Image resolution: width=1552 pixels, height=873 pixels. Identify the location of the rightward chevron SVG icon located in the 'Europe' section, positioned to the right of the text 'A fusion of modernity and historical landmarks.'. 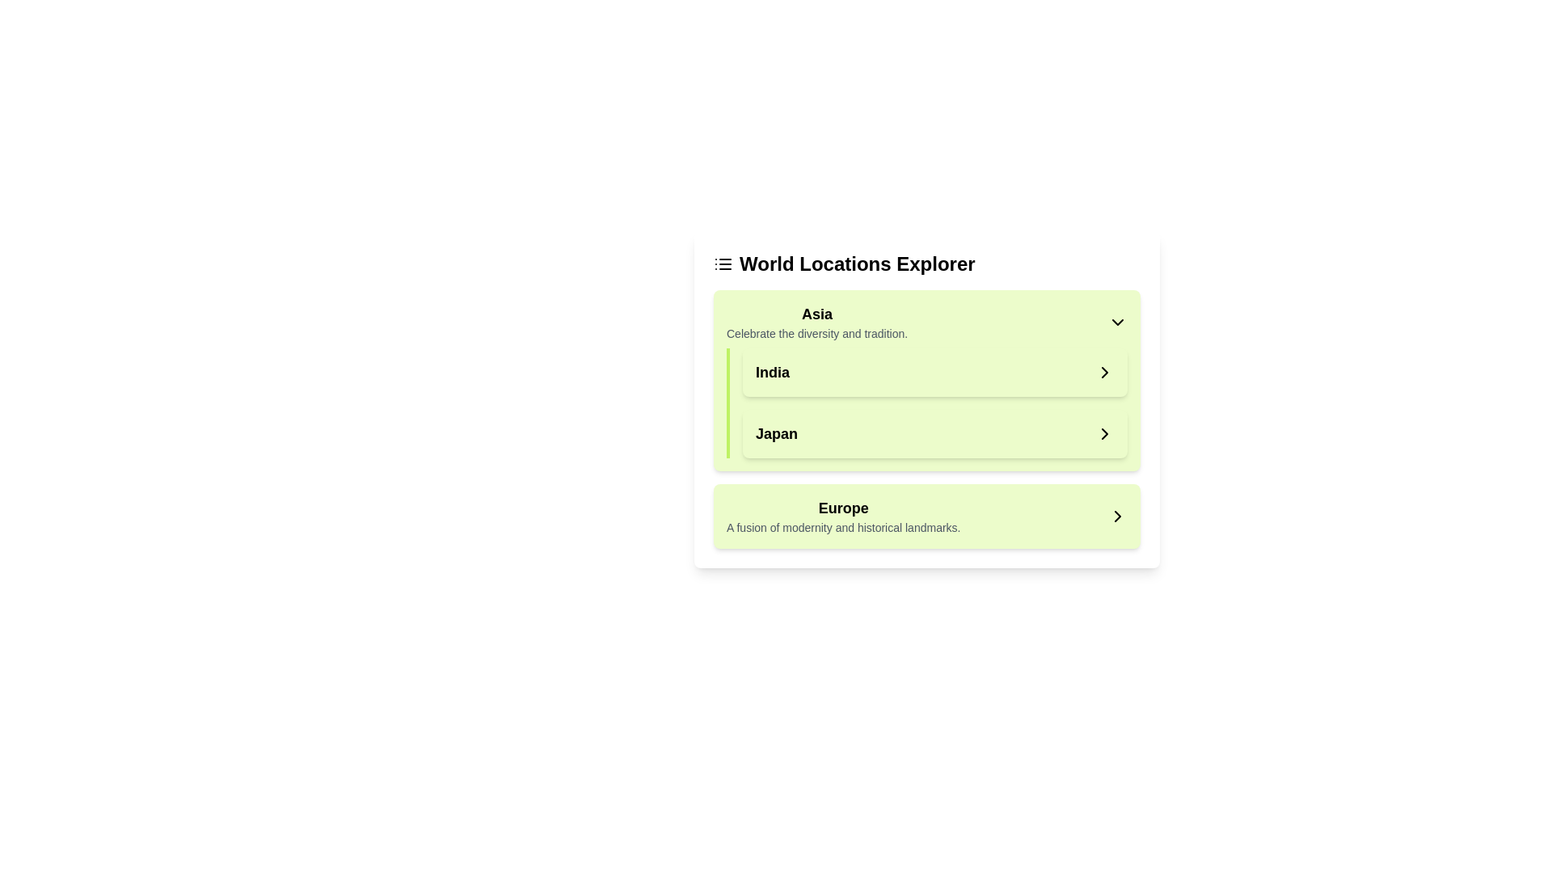
(1116, 517).